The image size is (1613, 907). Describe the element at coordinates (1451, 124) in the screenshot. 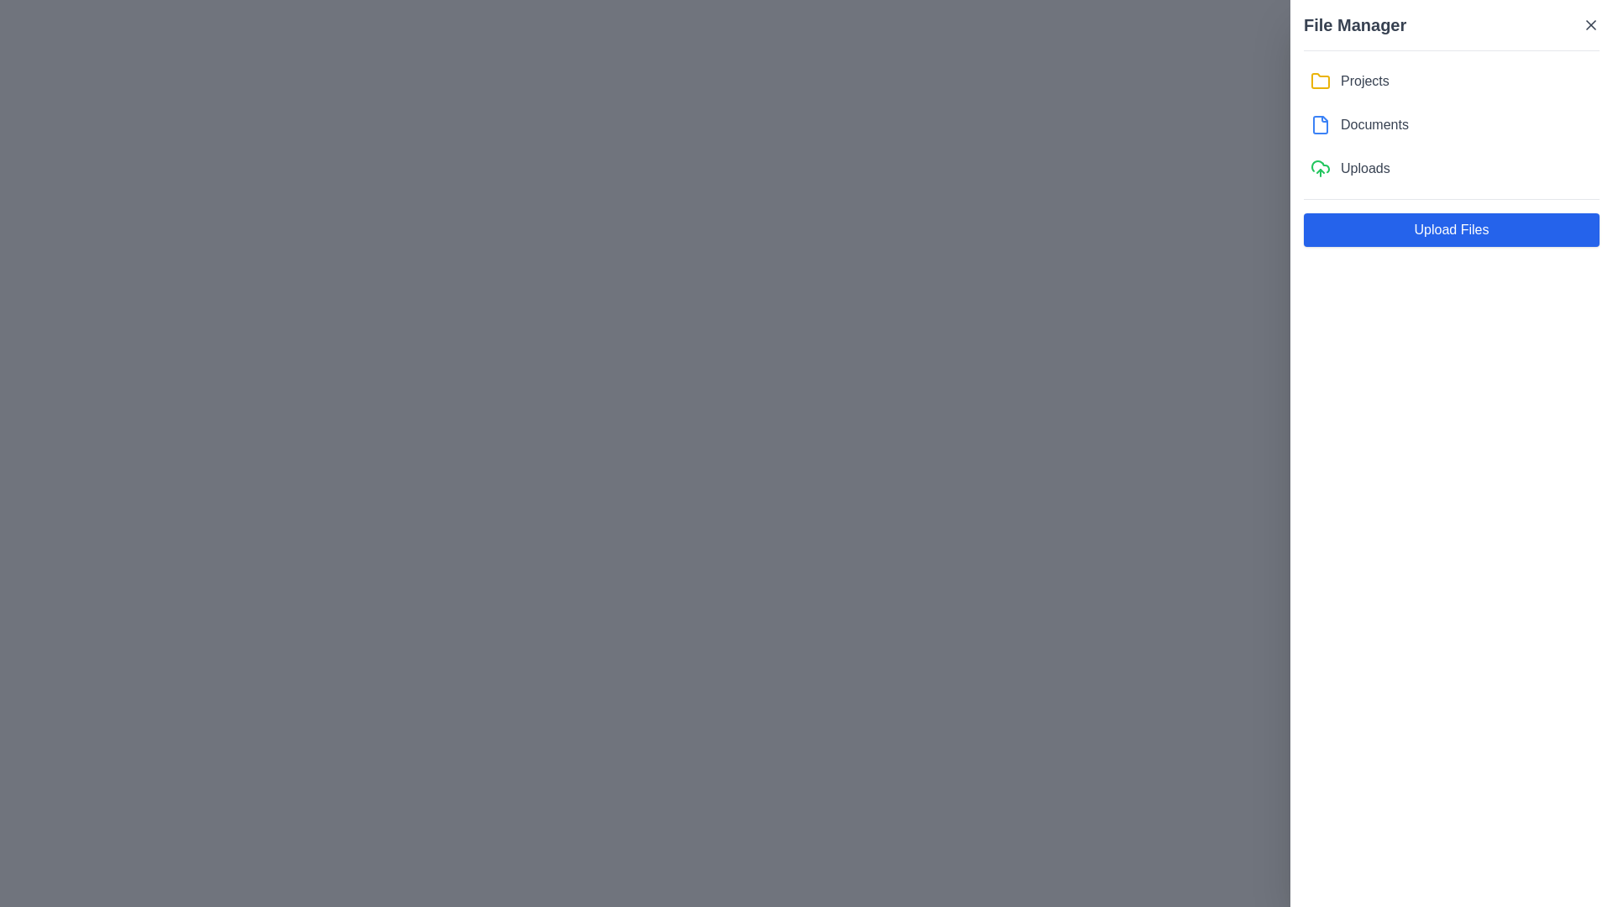

I see `the Navigation Menu located in the right-most sidebar under 'File Manager', which contains the items 'Projects', 'Documents', and 'Uploads' with colored icons` at that location.